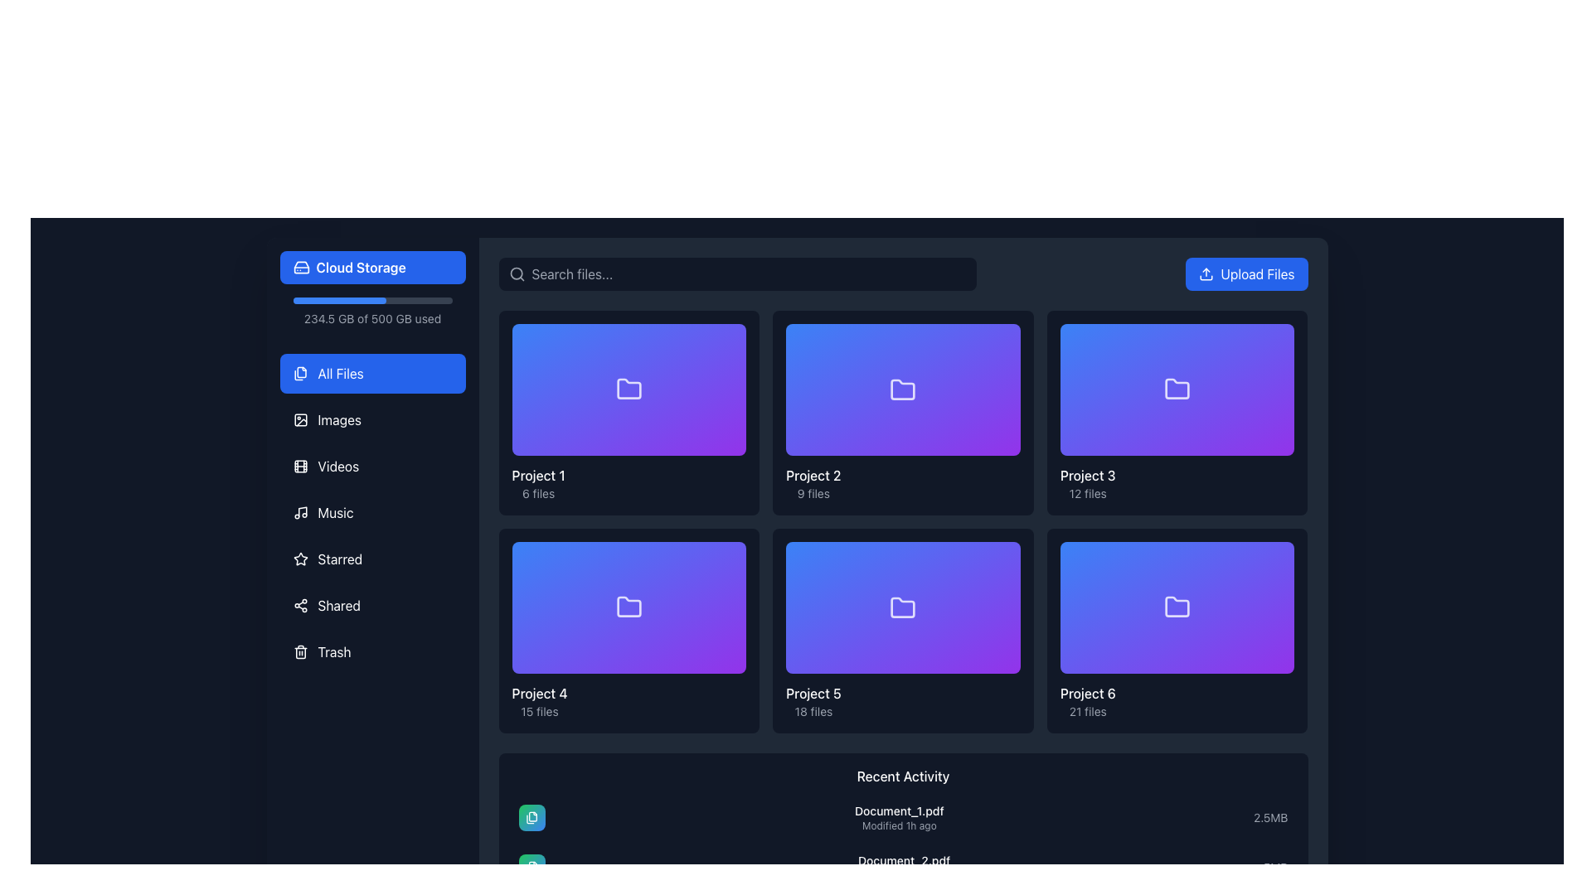 This screenshot has height=895, width=1592. Describe the element at coordinates (300, 467) in the screenshot. I see `the 'Videos' section icon located in the left navigation bar` at that location.